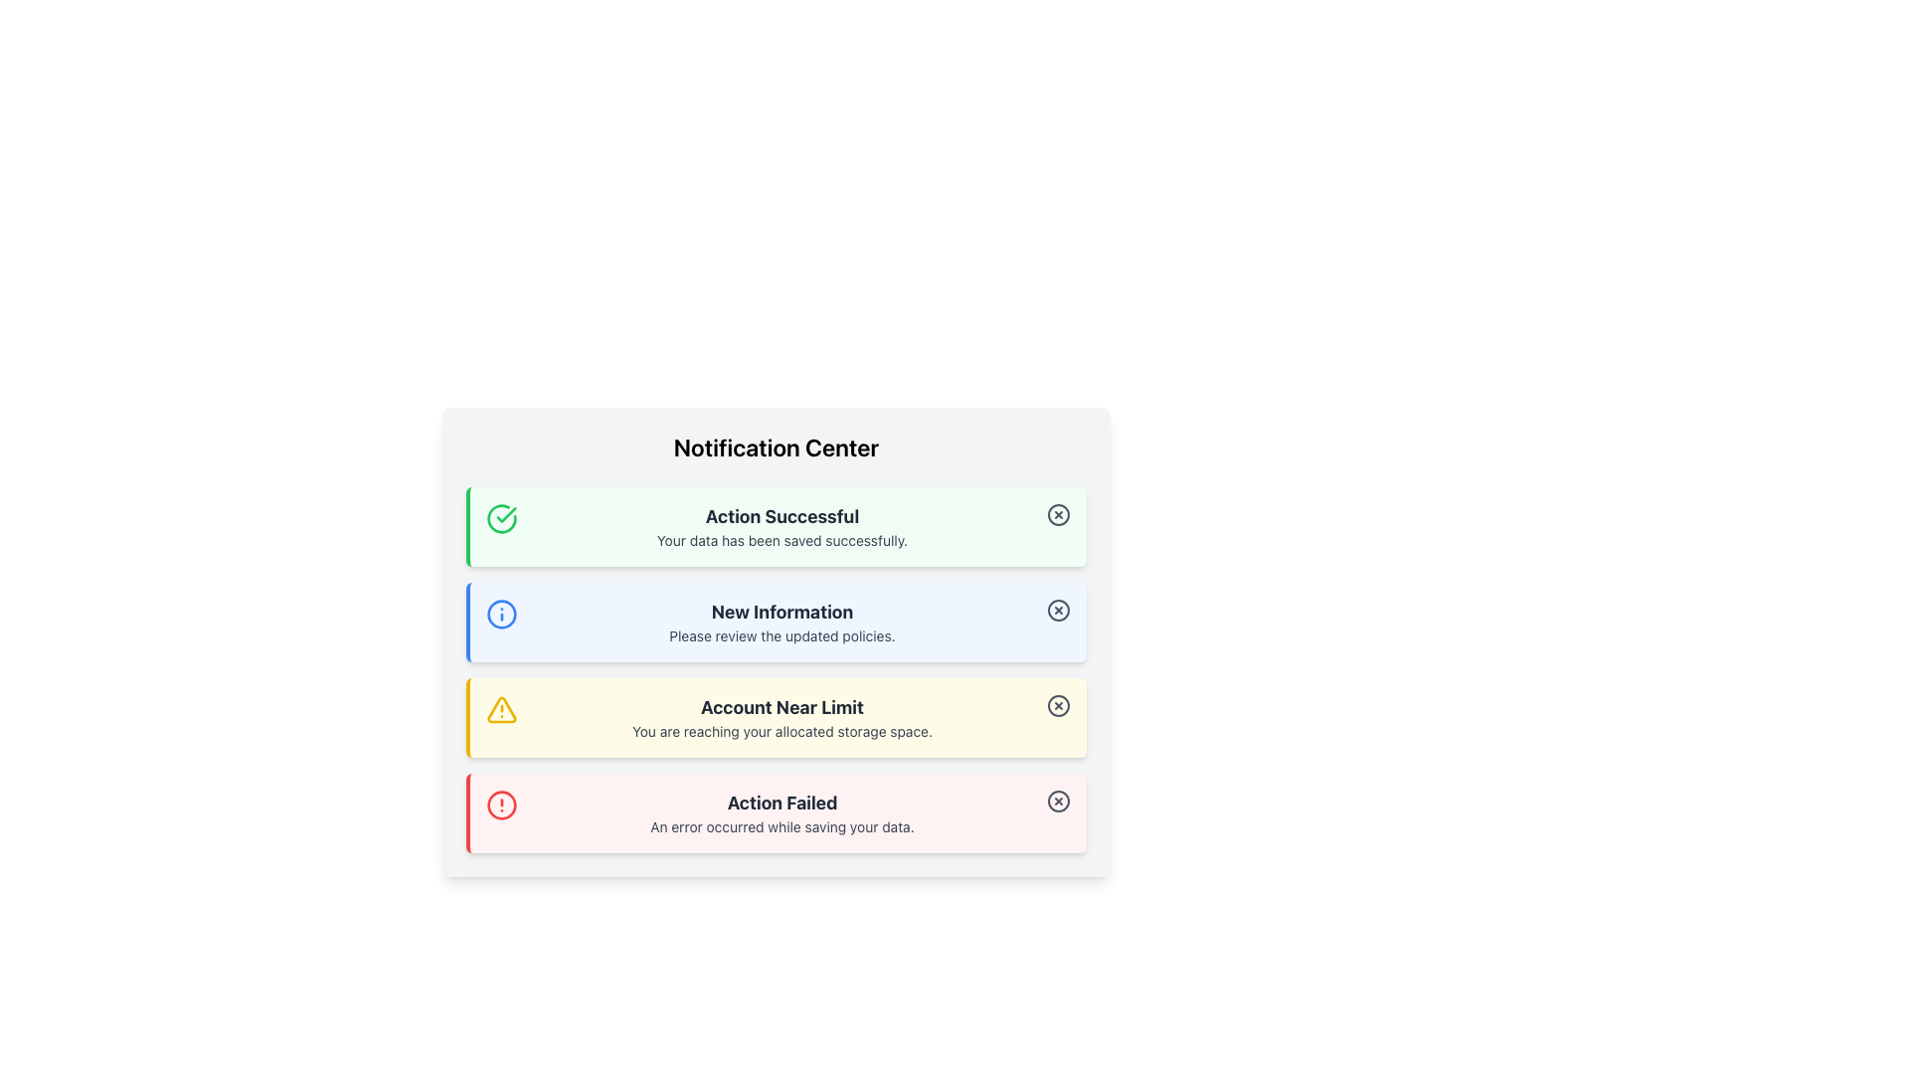 The image size is (1909, 1074). I want to click on the circular visual marker of the 'close' icon located next to the 'Account Near Limit' notification text, so click(1058, 704).